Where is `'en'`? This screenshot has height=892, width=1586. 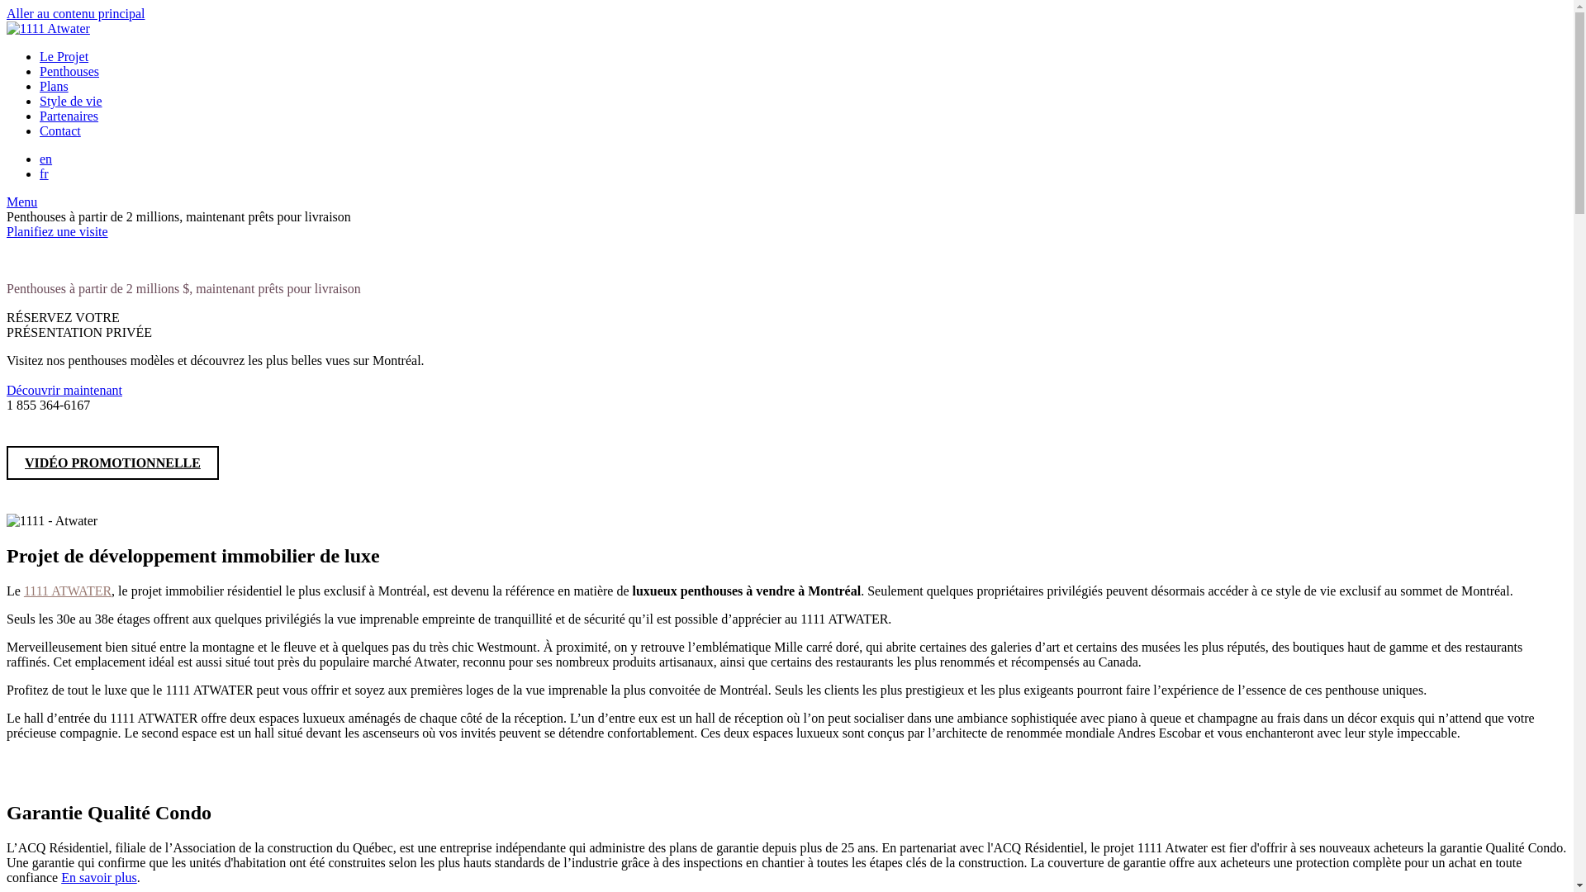 'en' is located at coordinates (45, 159).